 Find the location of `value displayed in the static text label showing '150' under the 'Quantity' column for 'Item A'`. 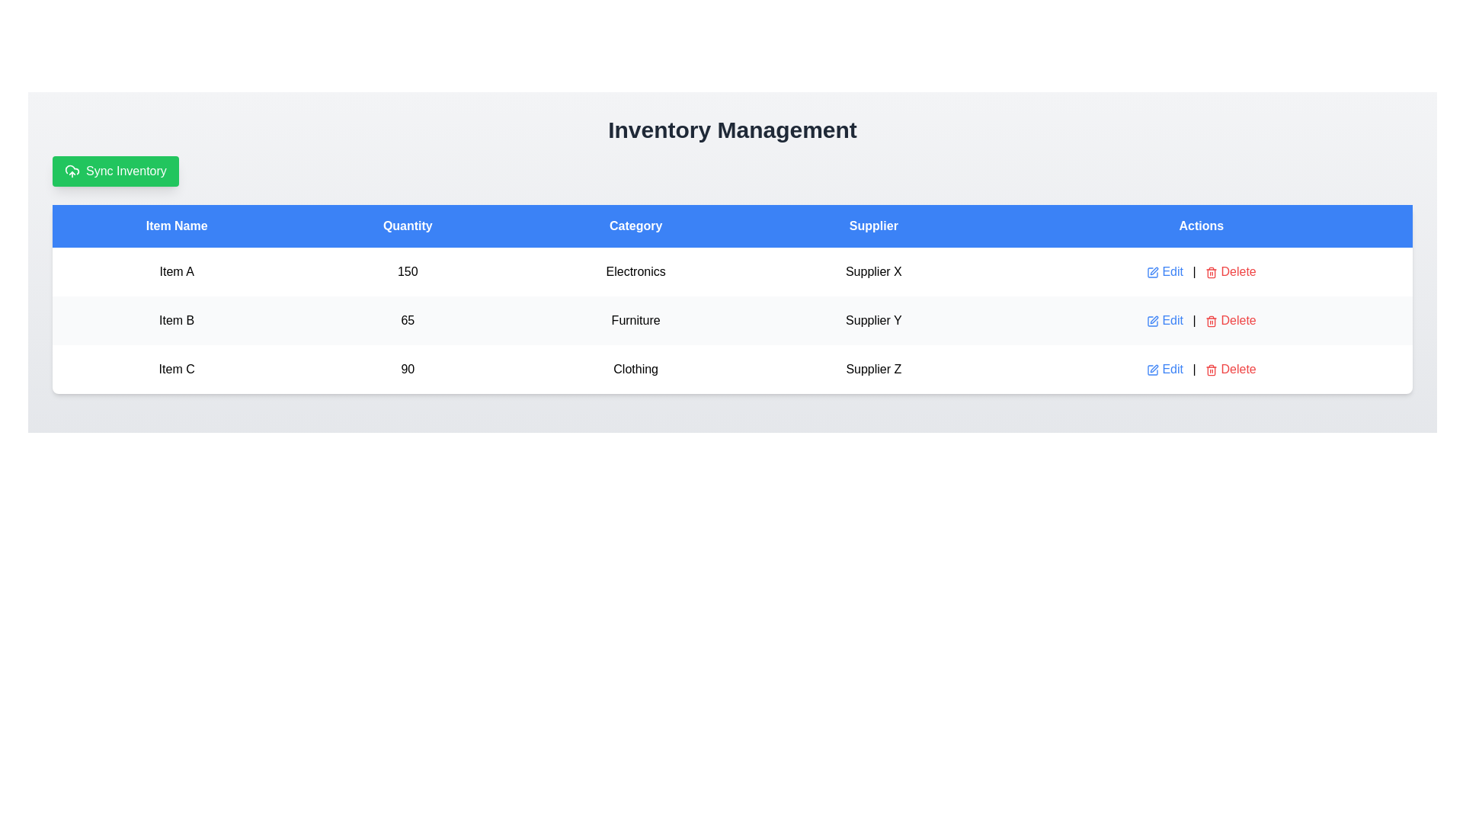

value displayed in the static text label showing '150' under the 'Quantity' column for 'Item A' is located at coordinates (408, 271).